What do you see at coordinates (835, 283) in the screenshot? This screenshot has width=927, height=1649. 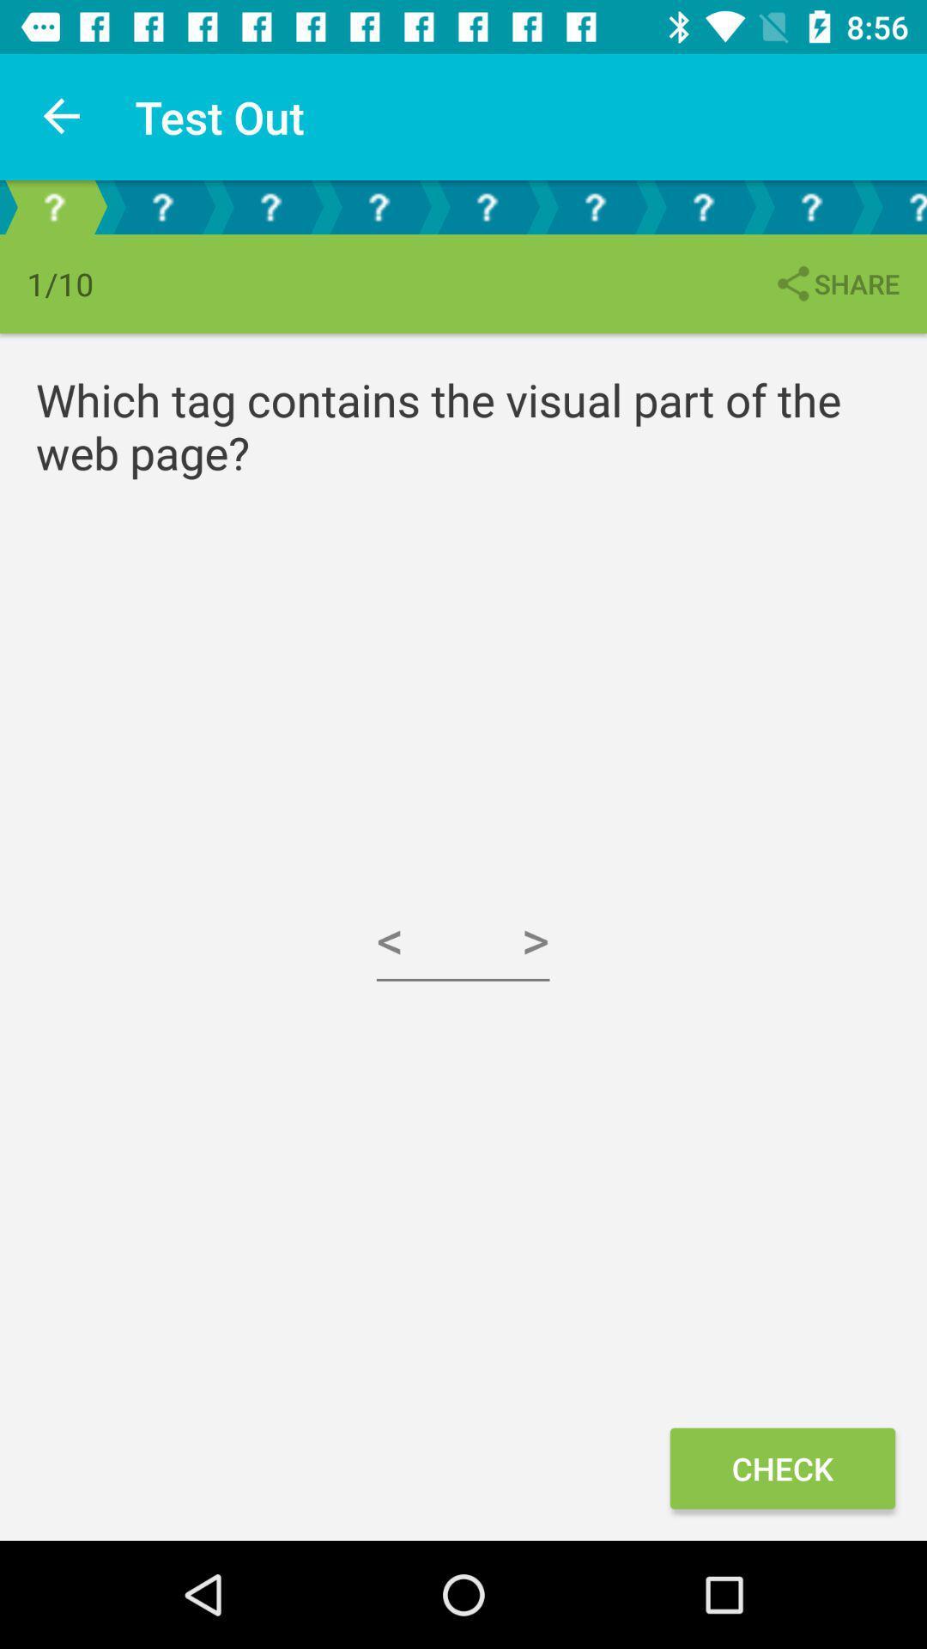 I see `share icon` at bounding box center [835, 283].